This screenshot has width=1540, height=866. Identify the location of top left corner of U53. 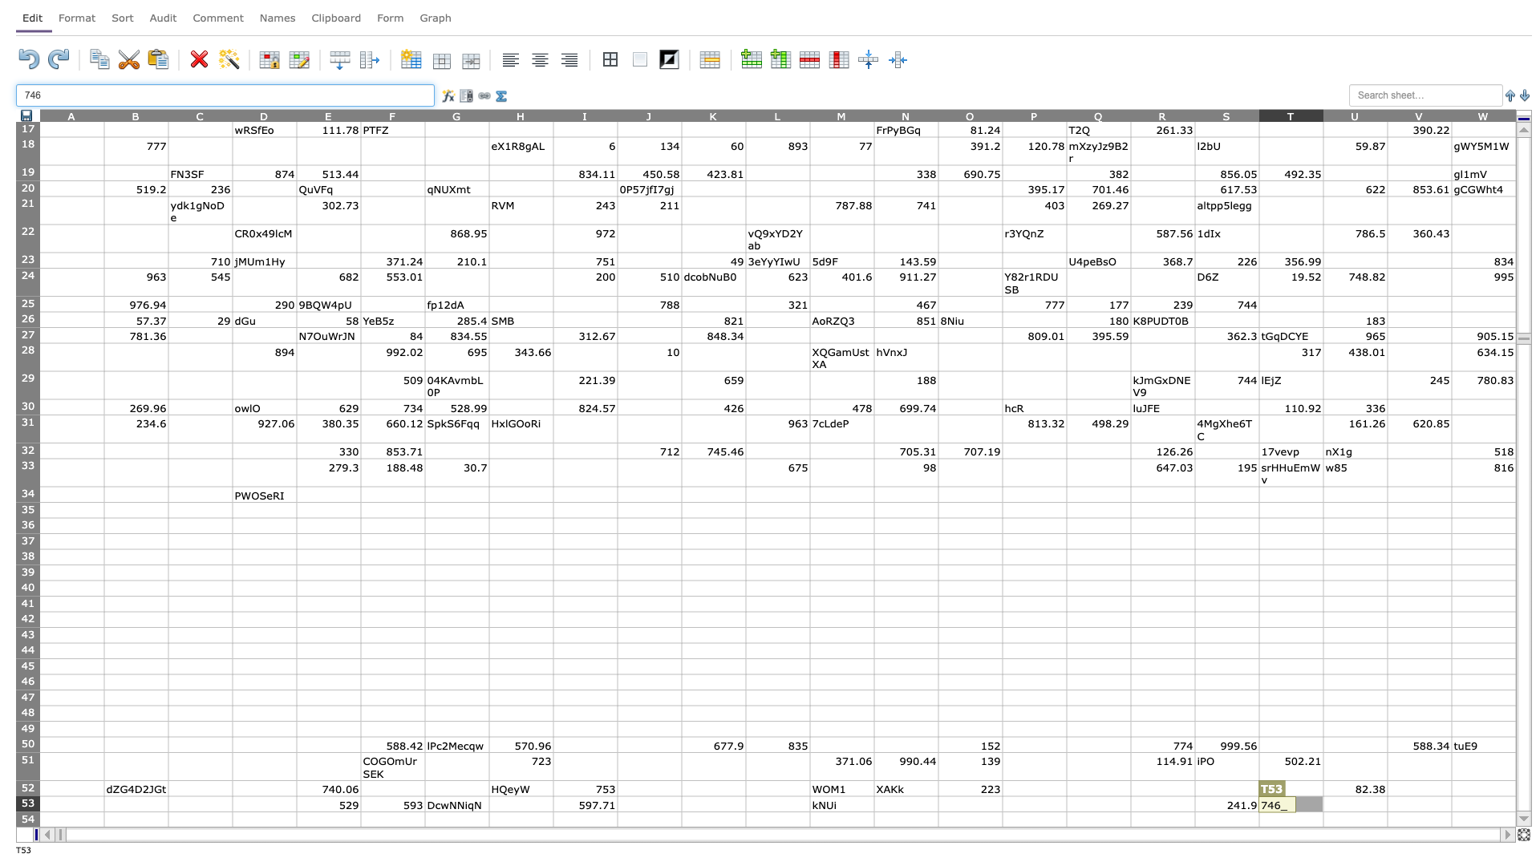
(1323, 795).